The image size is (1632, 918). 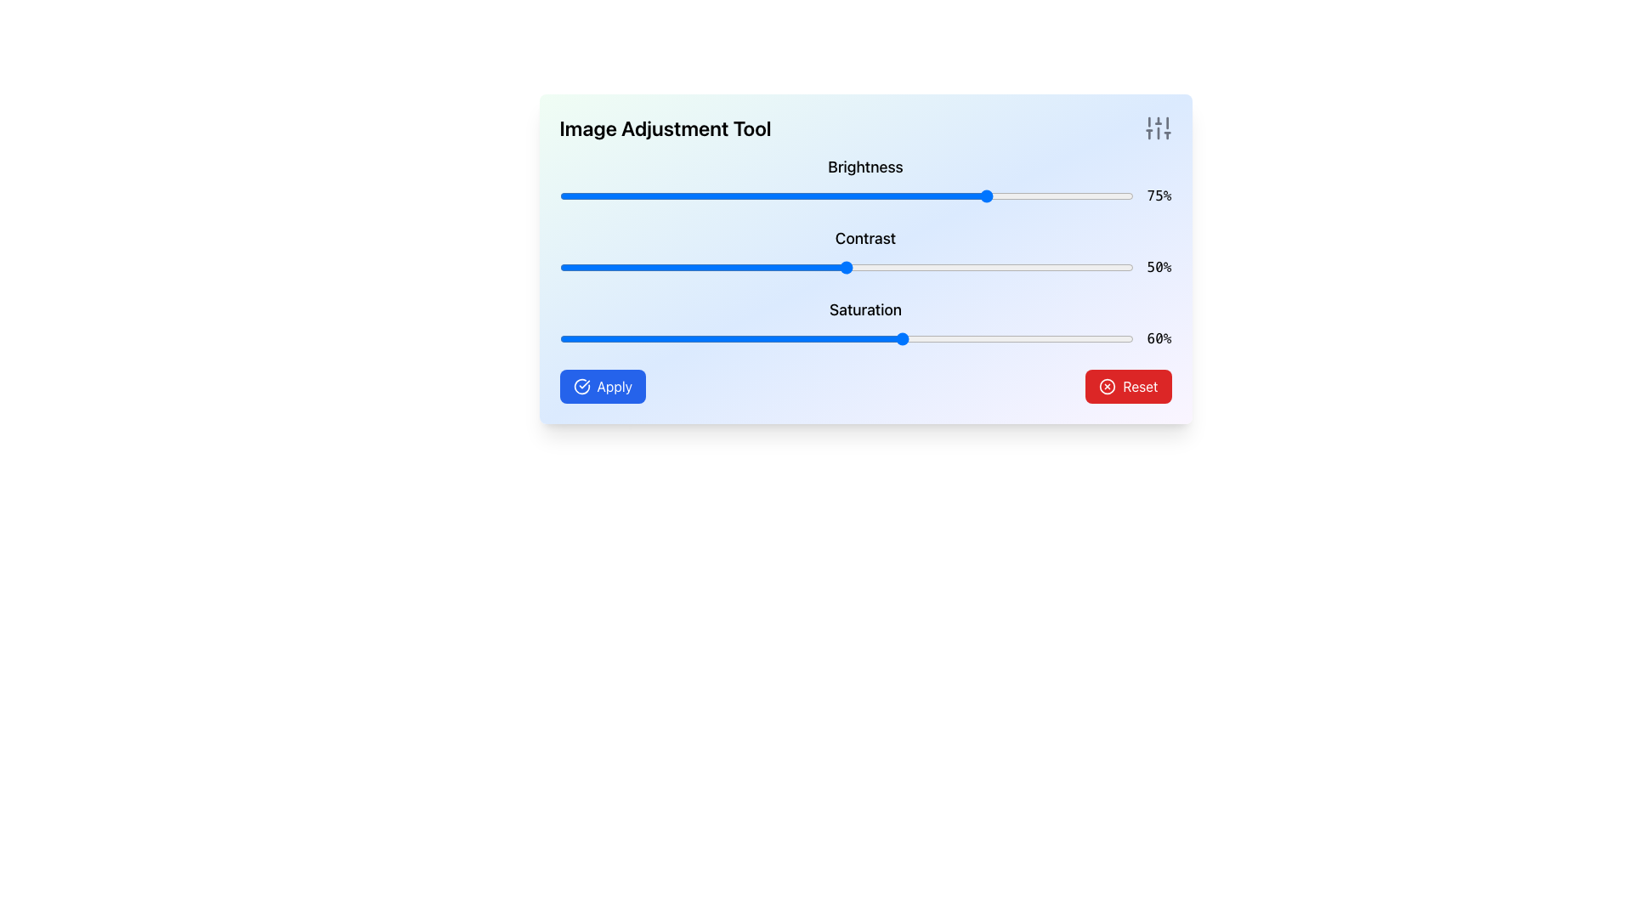 I want to click on the saturation, so click(x=720, y=338).